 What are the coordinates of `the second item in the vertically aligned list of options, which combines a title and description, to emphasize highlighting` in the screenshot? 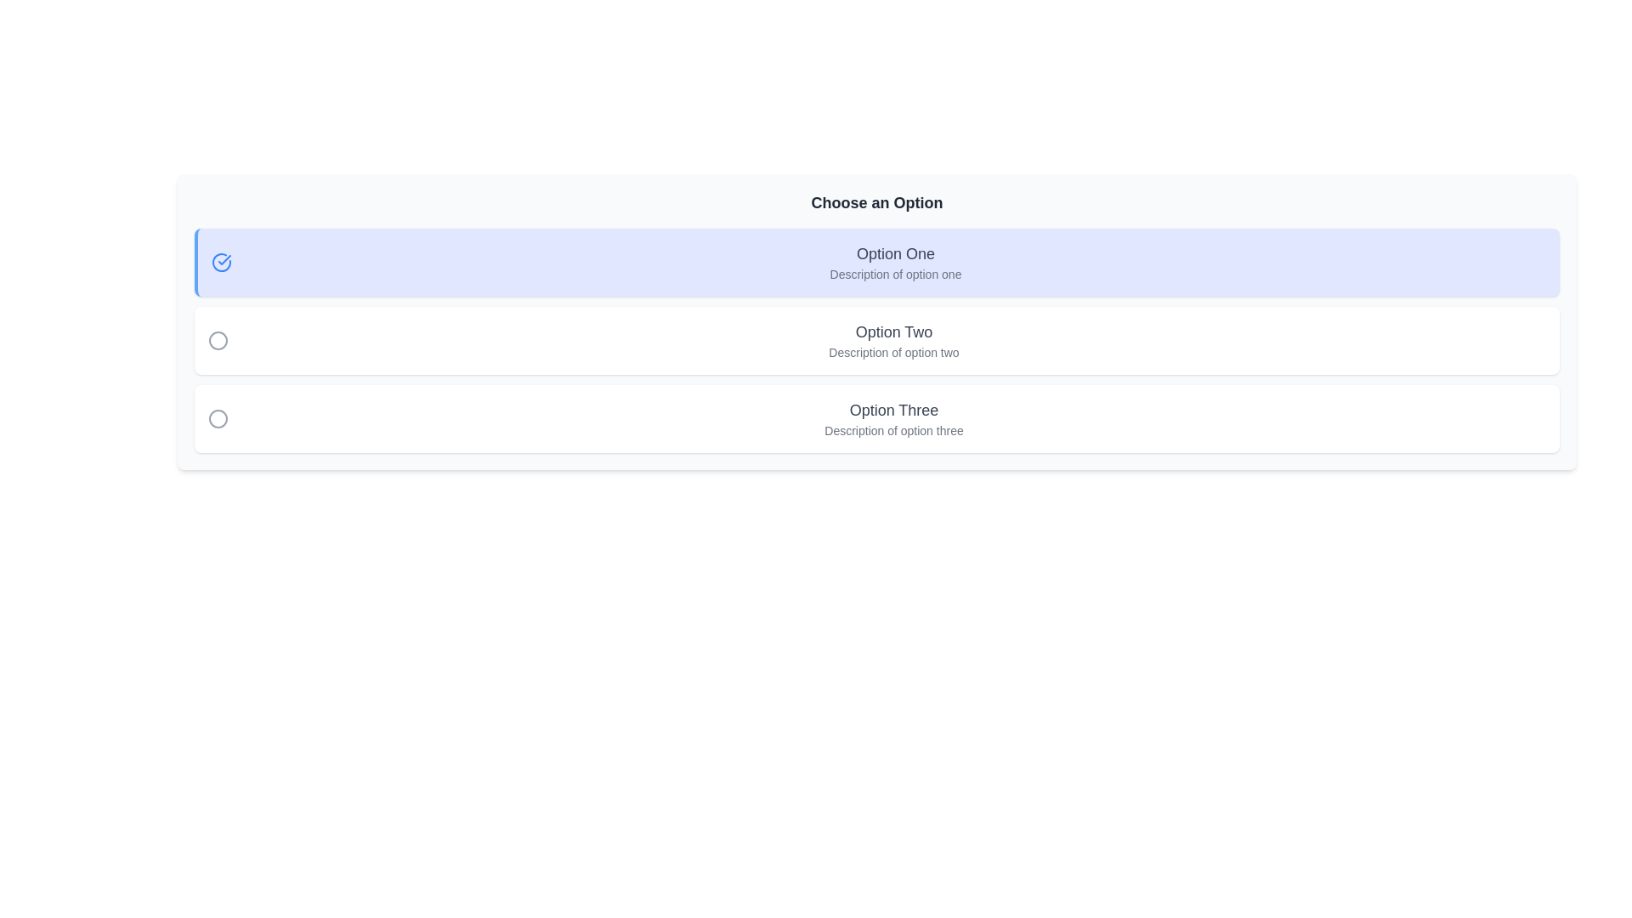 It's located at (892, 341).